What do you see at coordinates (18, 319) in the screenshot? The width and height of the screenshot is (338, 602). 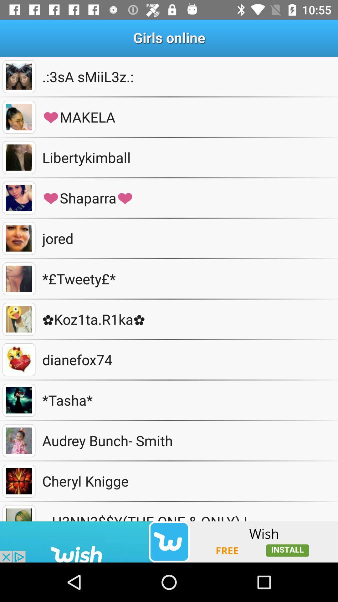 I see `choose profile` at bounding box center [18, 319].